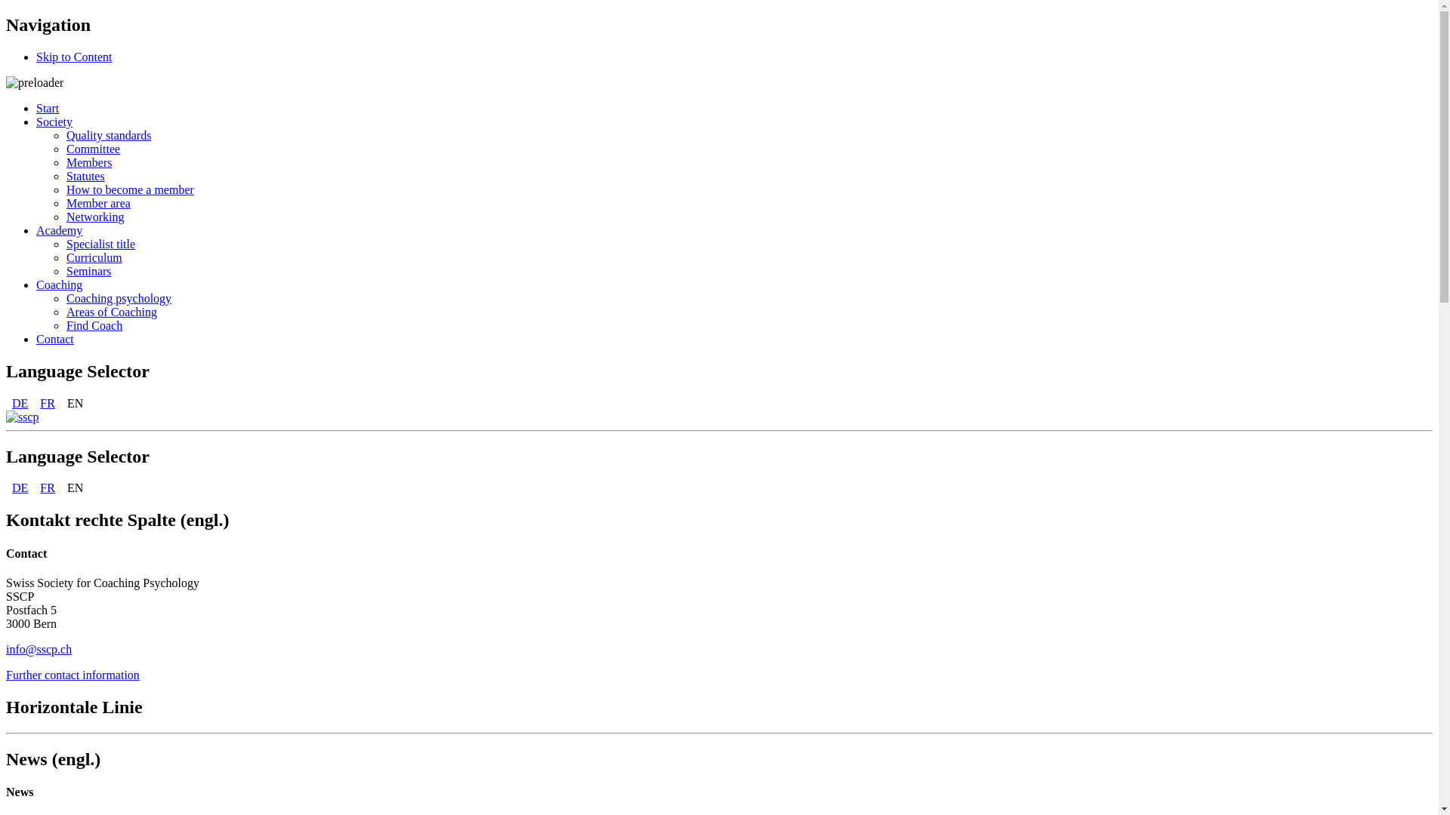 This screenshot has height=815, width=1450. I want to click on 'FR', so click(33, 402).